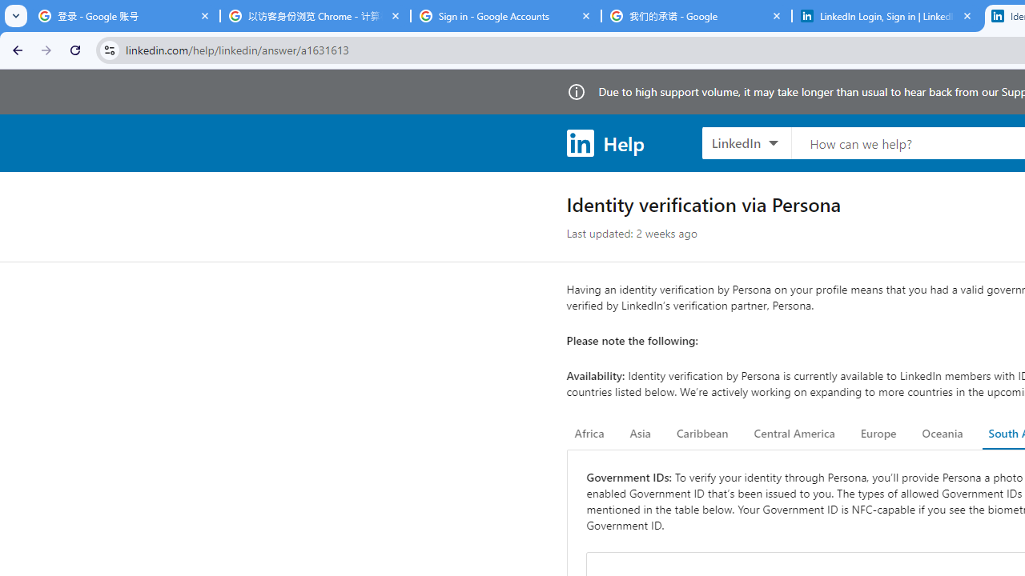 The image size is (1025, 576). Describe the element at coordinates (746, 142) in the screenshot. I see `'LinkedIn products to search, LinkedIn selected'` at that location.